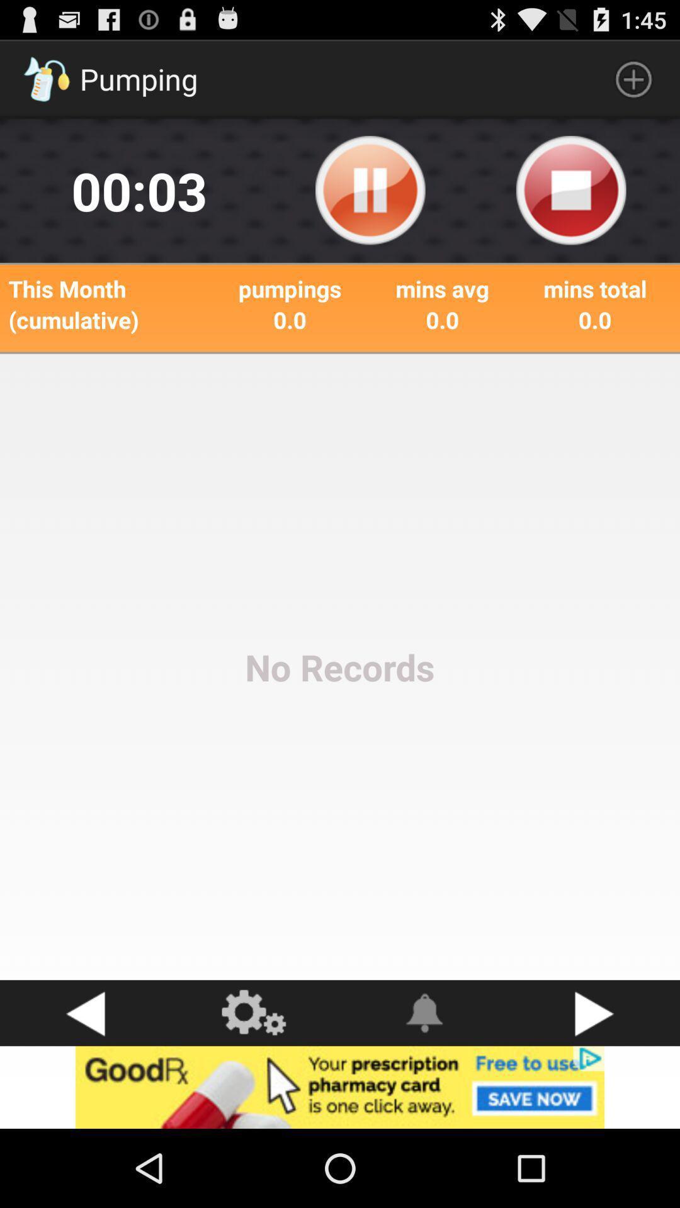 The image size is (680, 1208). Describe the element at coordinates (255, 1013) in the screenshot. I see `see more options` at that location.